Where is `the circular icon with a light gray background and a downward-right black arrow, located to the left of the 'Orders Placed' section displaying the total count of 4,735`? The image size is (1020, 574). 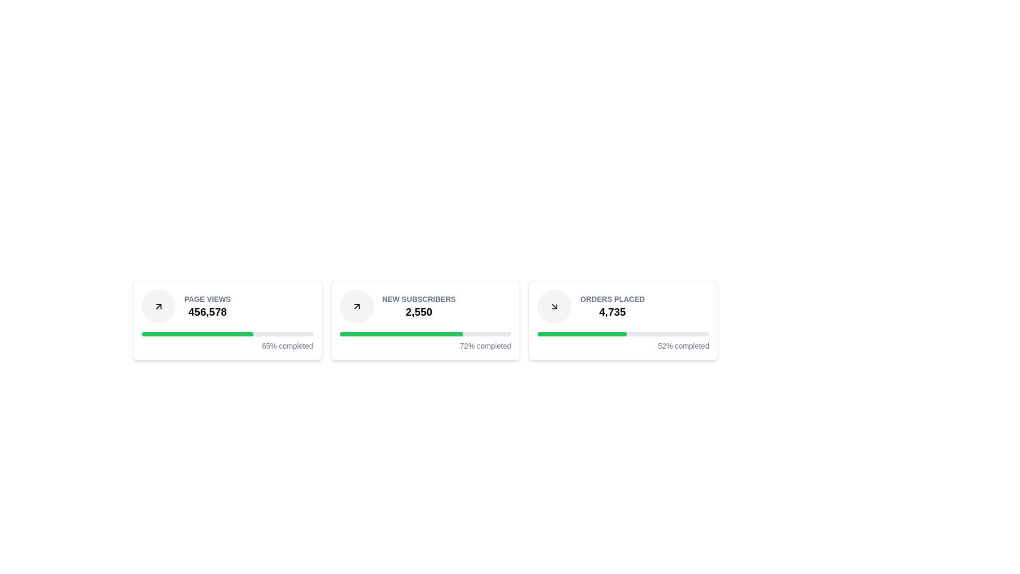
the circular icon with a light gray background and a downward-right black arrow, located to the left of the 'Orders Placed' section displaying the total count of 4,735 is located at coordinates (554, 307).